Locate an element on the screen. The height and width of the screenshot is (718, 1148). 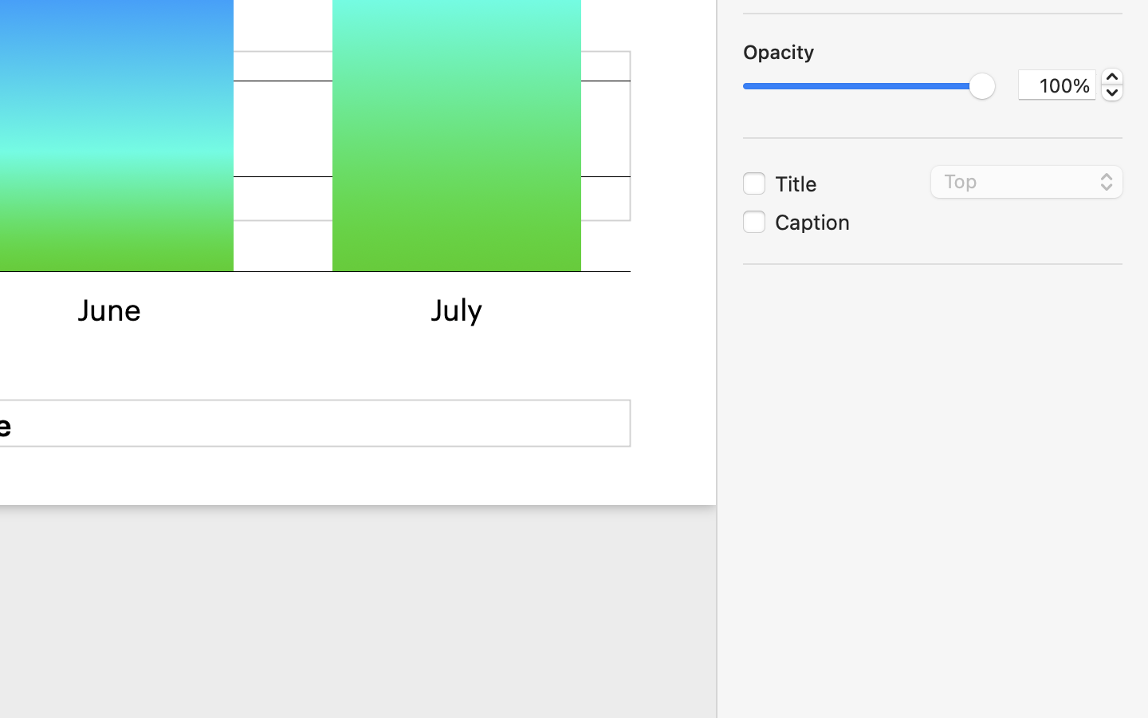
'1.0' is located at coordinates (867, 85).